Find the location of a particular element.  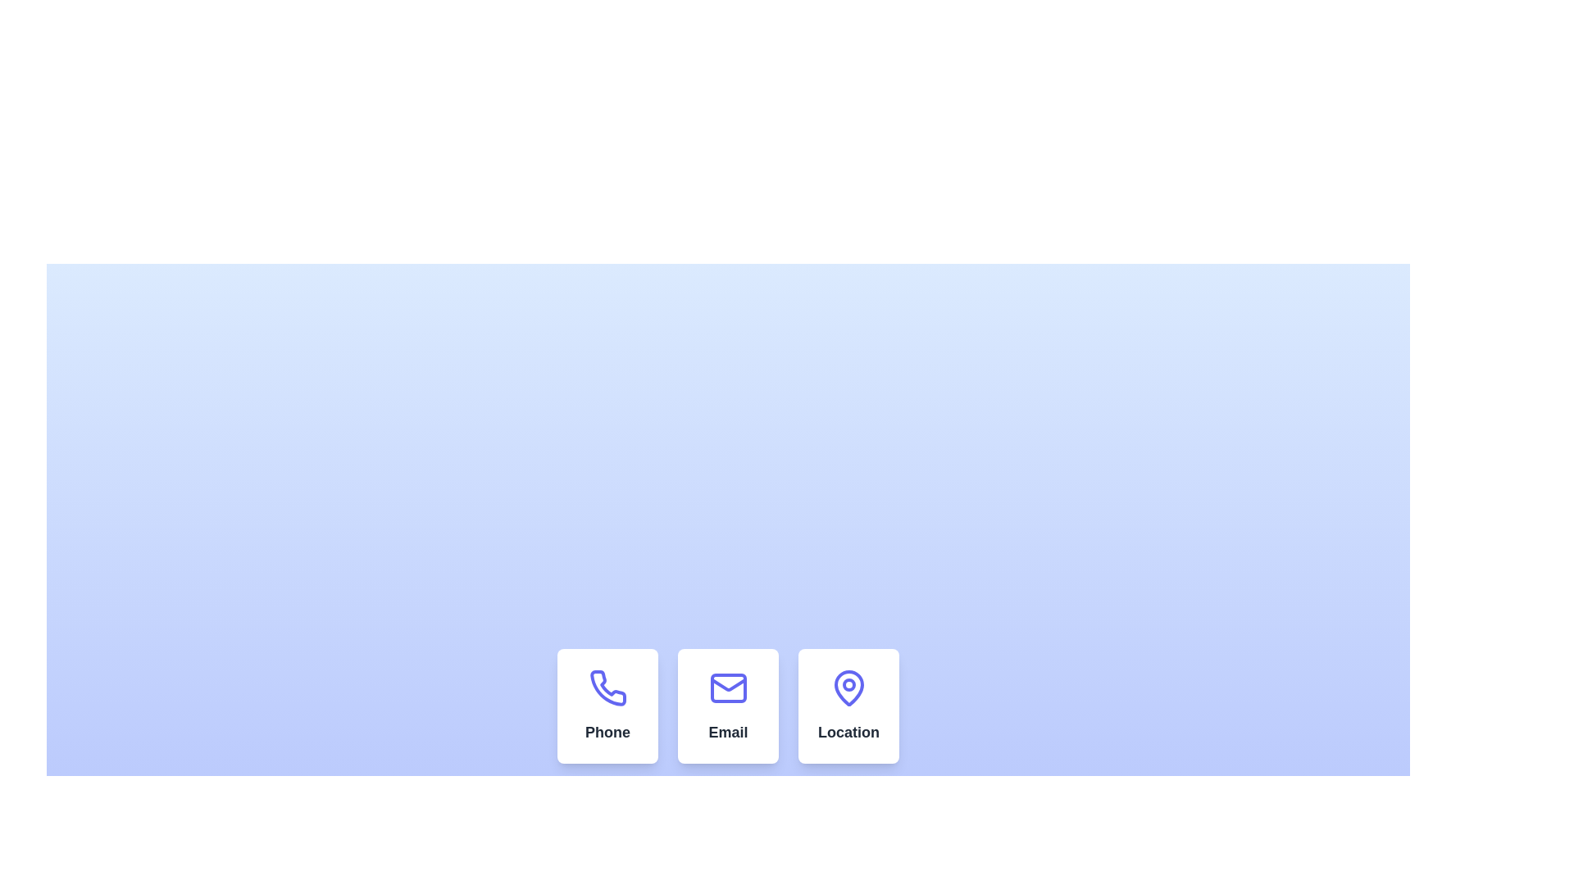

the phone contact icon located in the center of the first column beneath the text 'Phone' is located at coordinates (607, 688).